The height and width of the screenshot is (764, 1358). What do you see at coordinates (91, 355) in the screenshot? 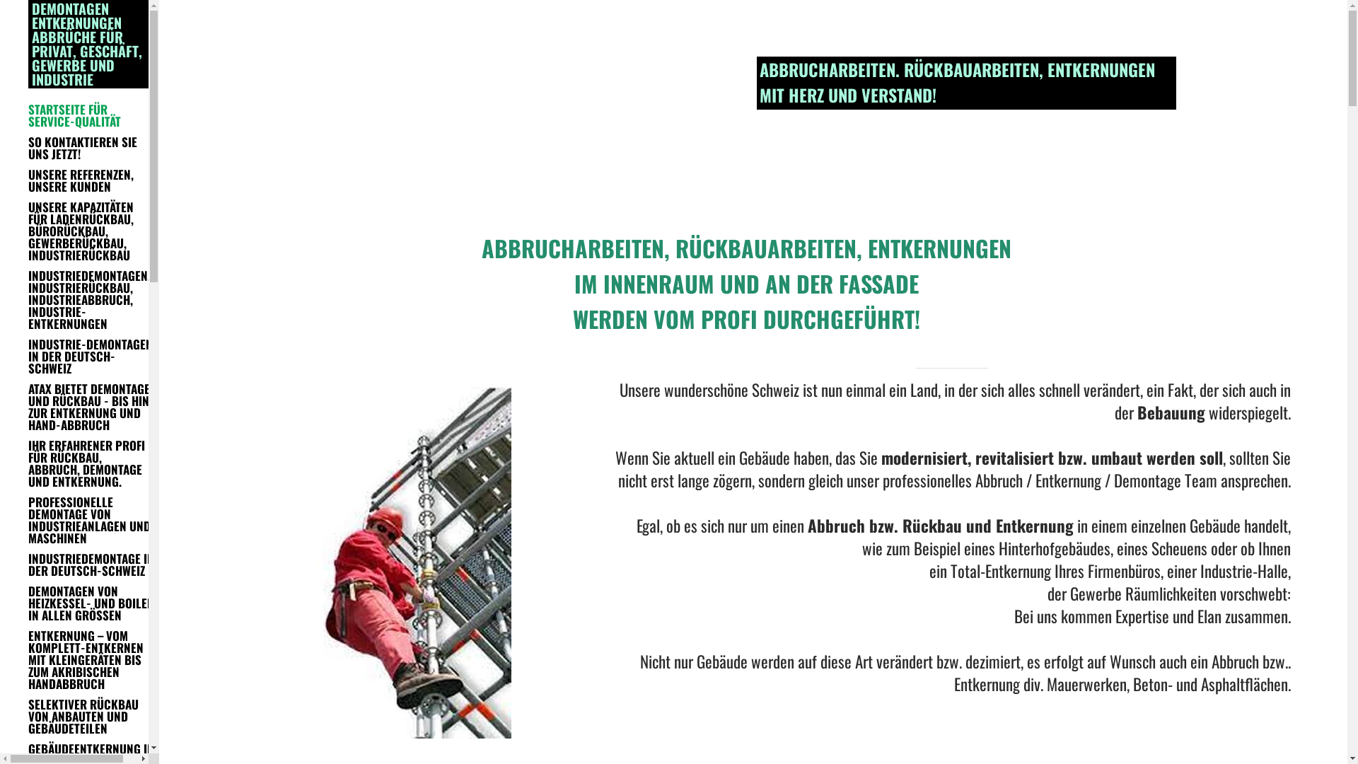
I see `'INDUSTRIE-DEMONTAGEN IN DER DEUTSCH-SCHWEIZ'` at bounding box center [91, 355].